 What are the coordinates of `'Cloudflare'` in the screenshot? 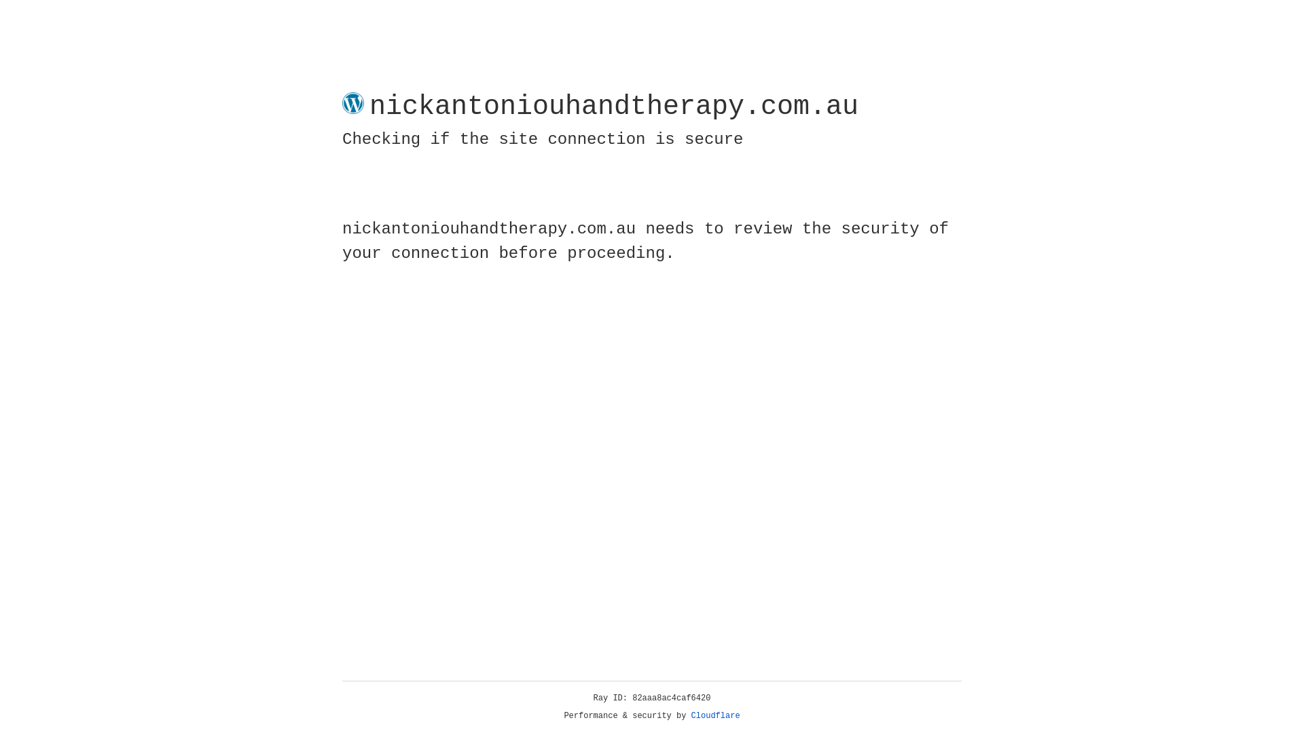 It's located at (715, 715).